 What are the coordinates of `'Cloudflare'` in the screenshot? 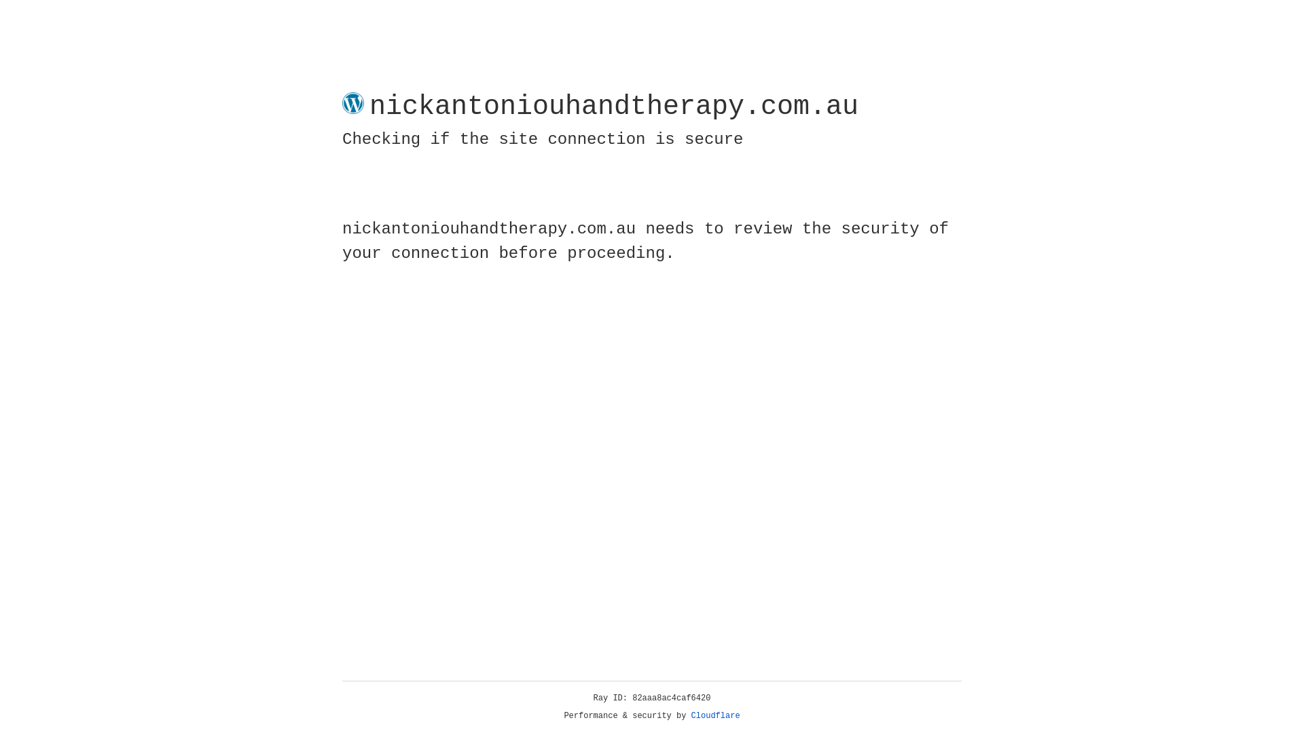 It's located at (715, 715).